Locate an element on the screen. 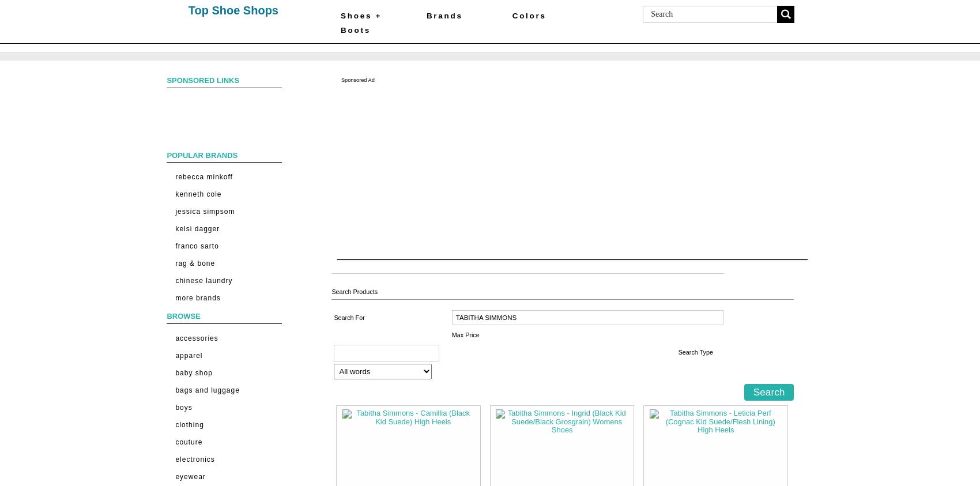  'Franco Sarto' is located at coordinates (196, 246).